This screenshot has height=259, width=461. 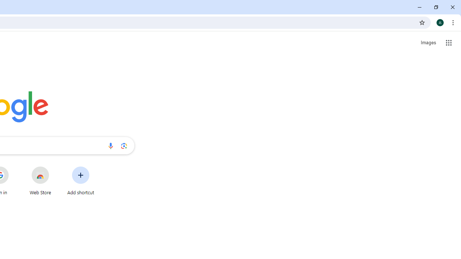 What do you see at coordinates (40, 180) in the screenshot?
I see `'Web Store'` at bounding box center [40, 180].